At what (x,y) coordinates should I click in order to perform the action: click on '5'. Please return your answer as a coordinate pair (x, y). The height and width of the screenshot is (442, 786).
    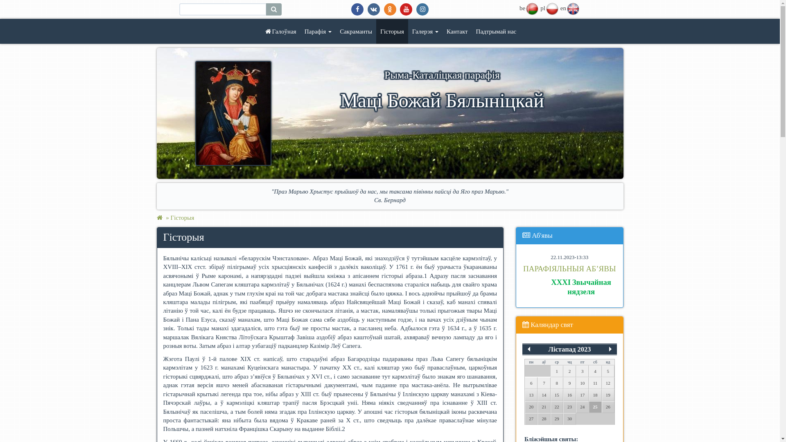
    Looking at the image, I should click on (608, 371).